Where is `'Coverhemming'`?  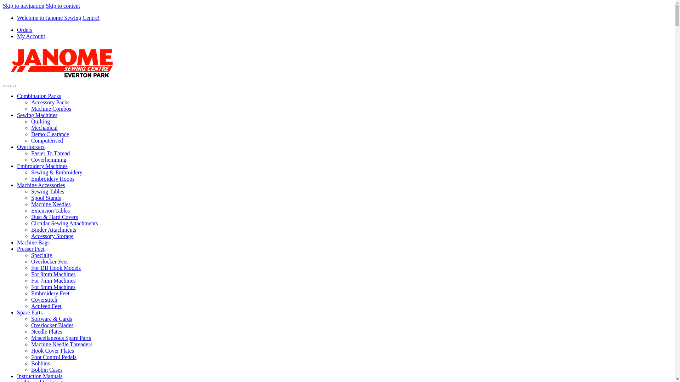
'Coverhemming' is located at coordinates (49, 160).